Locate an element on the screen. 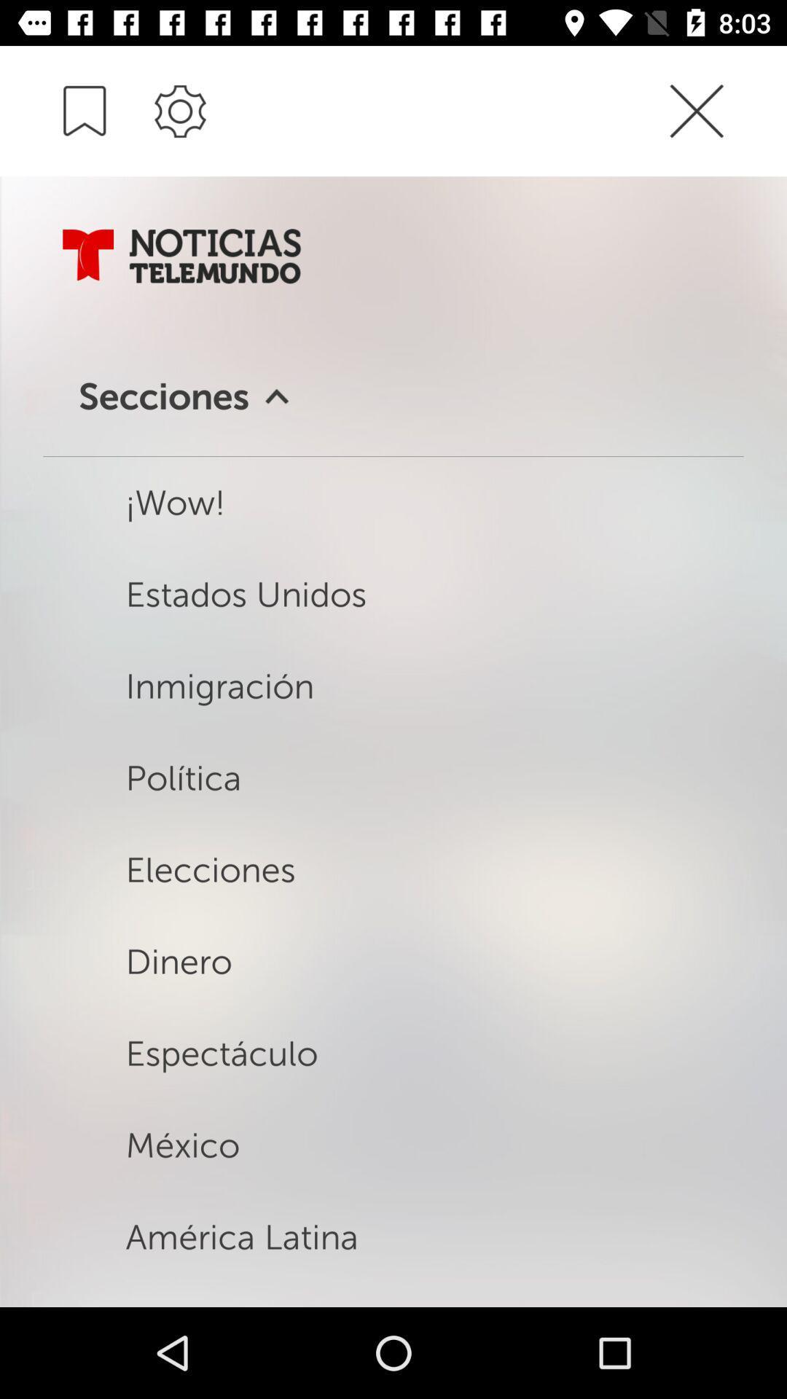 The height and width of the screenshot is (1399, 787). the close icon is located at coordinates (724, 111).